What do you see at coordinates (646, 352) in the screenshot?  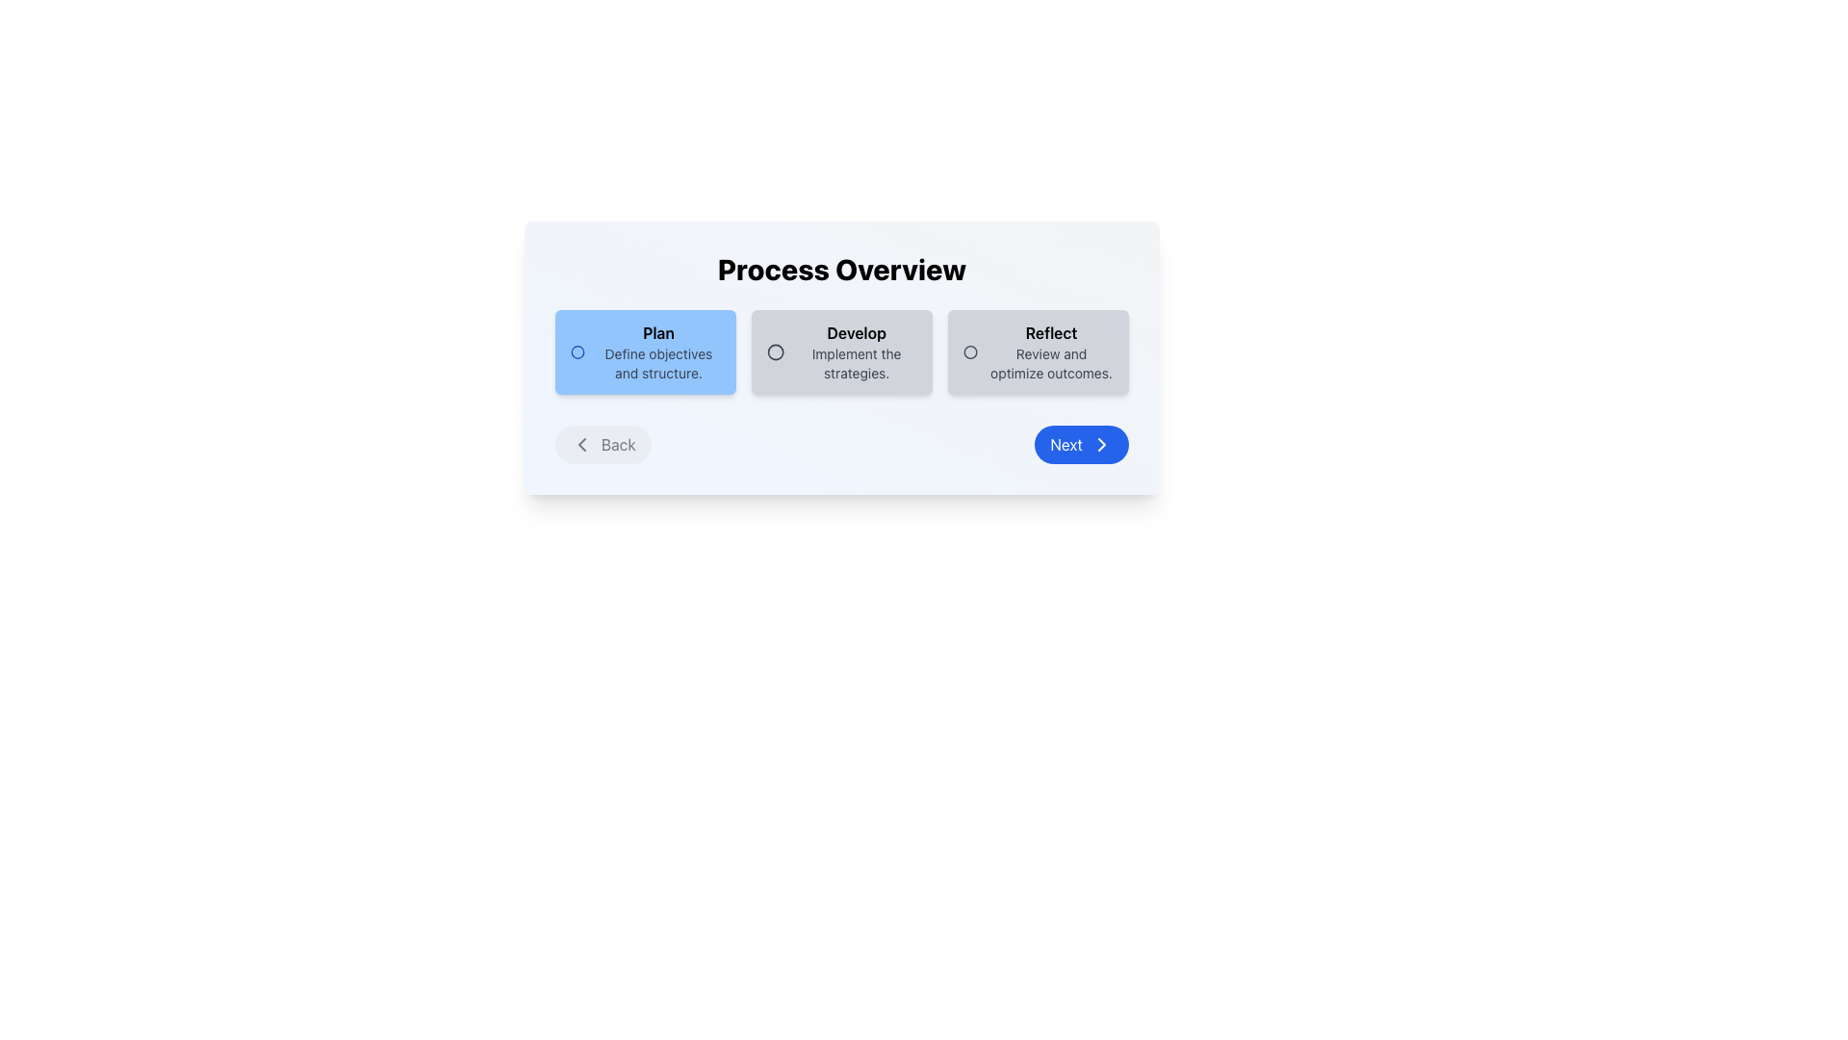 I see `the 'Plan' Step Card, which is the first card in a horizontal sequence of three cards in the process flow interface` at bounding box center [646, 352].